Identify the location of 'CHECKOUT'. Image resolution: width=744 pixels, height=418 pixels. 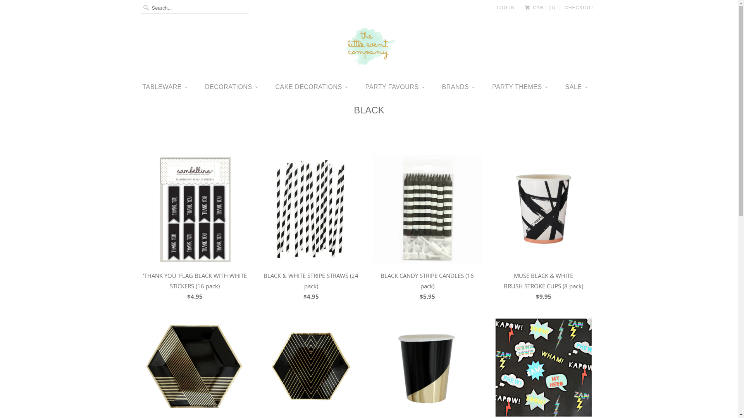
(579, 7).